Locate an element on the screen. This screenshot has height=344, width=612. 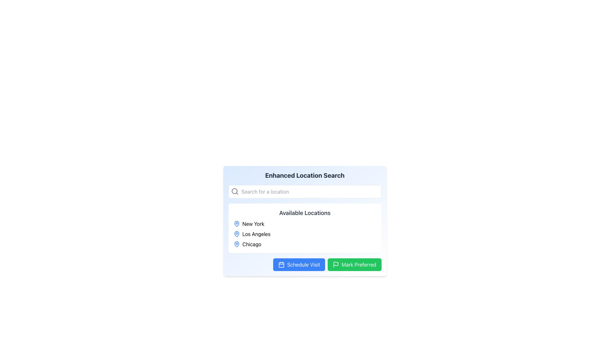
the blue downward-pointing pin icon representing 'Los Angeles' located in the 'Available Locations' section is located at coordinates (236, 234).